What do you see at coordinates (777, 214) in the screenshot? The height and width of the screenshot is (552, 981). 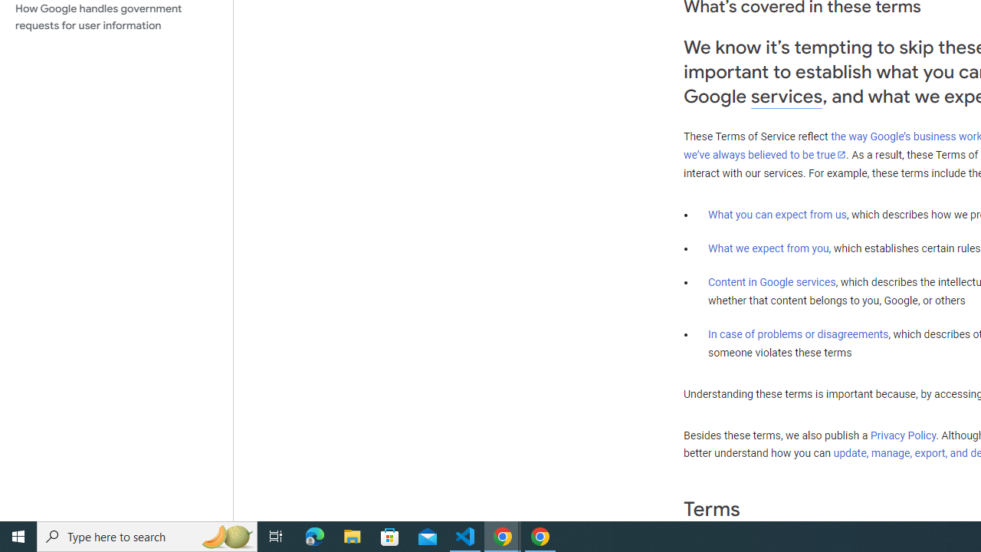 I see `'What you can expect from us'` at bounding box center [777, 214].